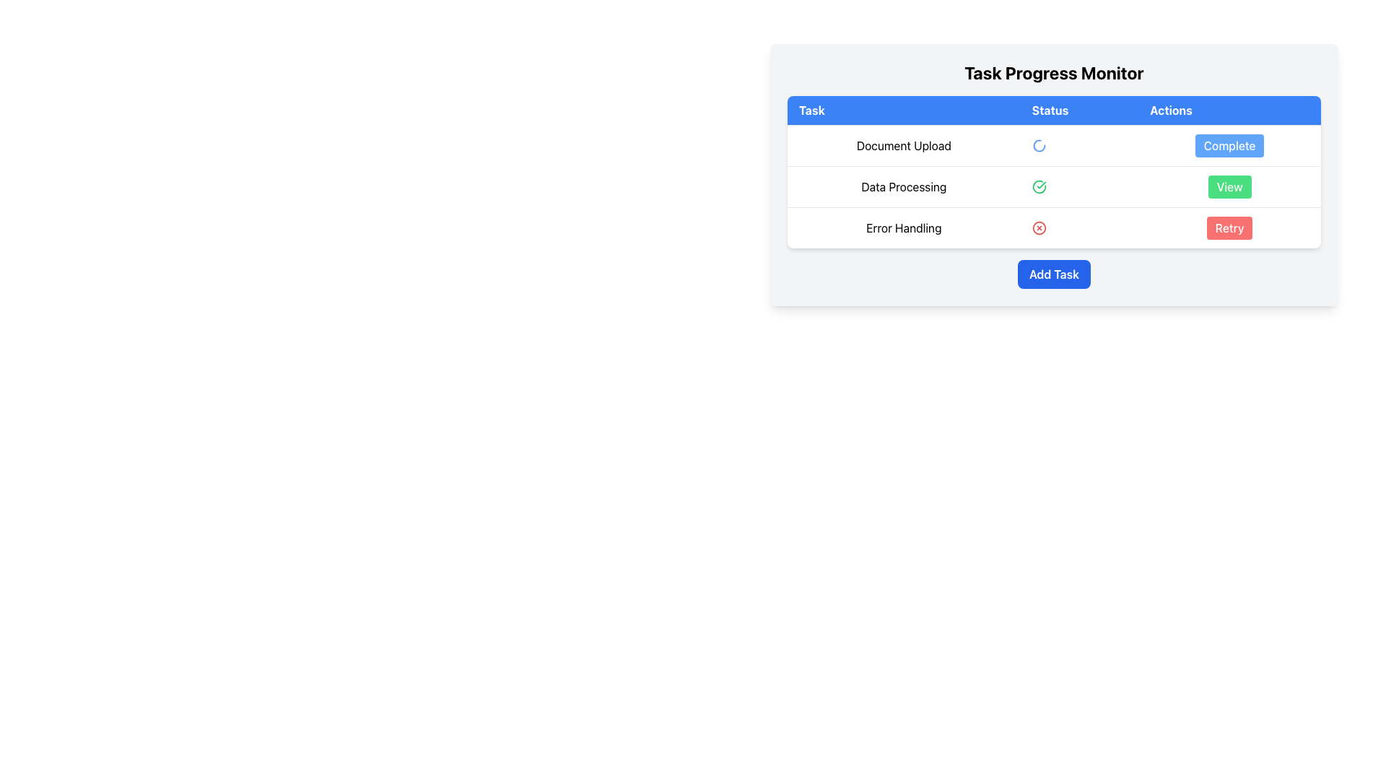  I want to click on the 'View' button located on the rightmost side of the row corresponding to 'Data Processing' in the table under the 'Actions' column, so click(1229, 186).